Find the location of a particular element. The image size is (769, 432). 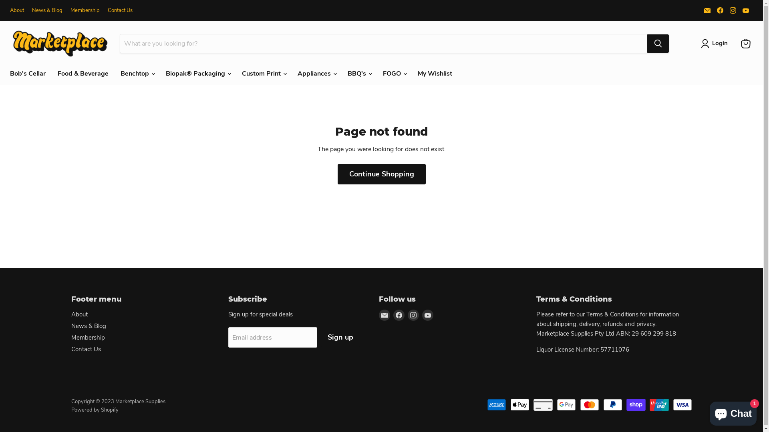

'Email Marketplace Supplies' is located at coordinates (701, 10).